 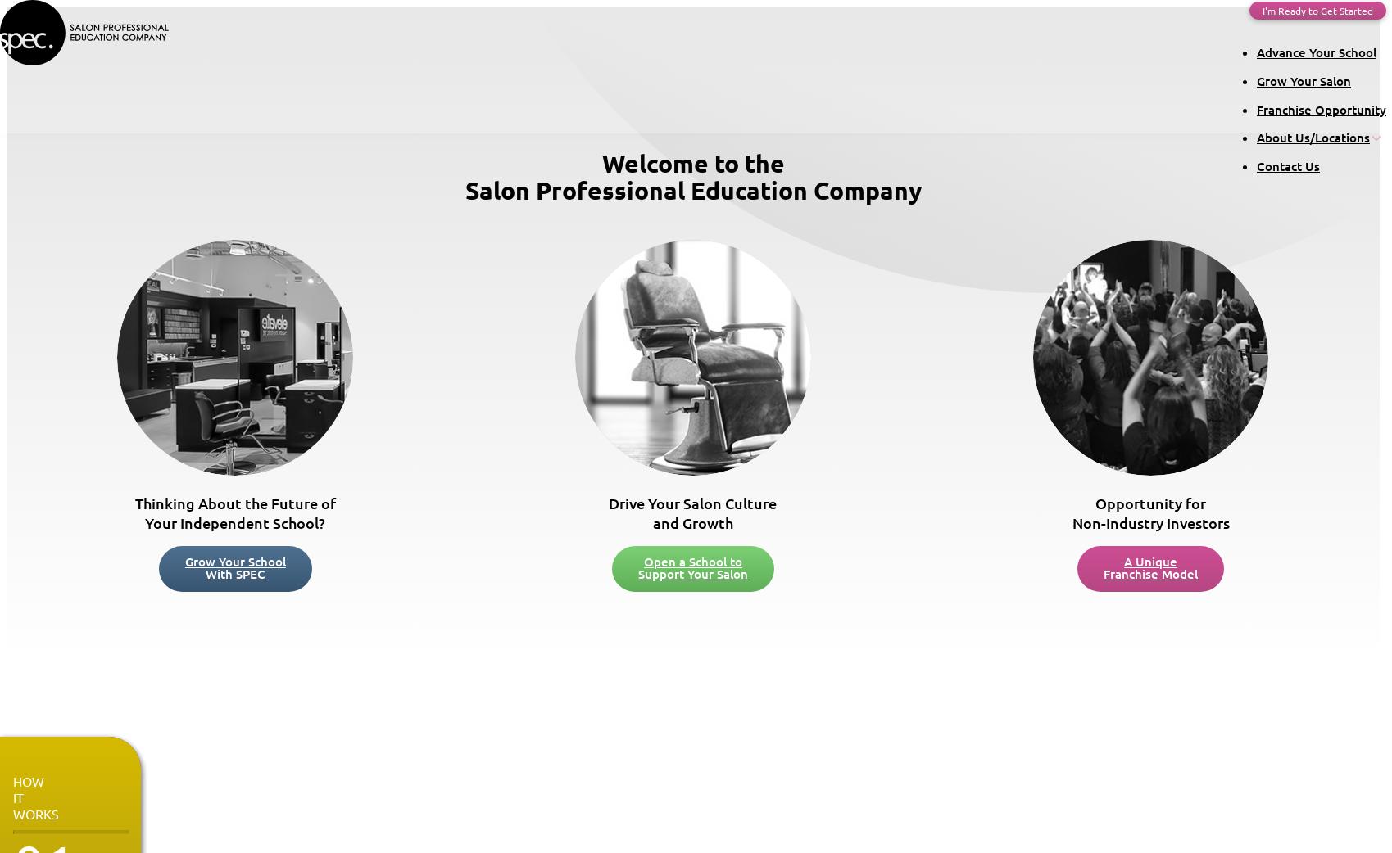 I want to click on 'Franchise Opportunity', so click(x=1321, y=108).